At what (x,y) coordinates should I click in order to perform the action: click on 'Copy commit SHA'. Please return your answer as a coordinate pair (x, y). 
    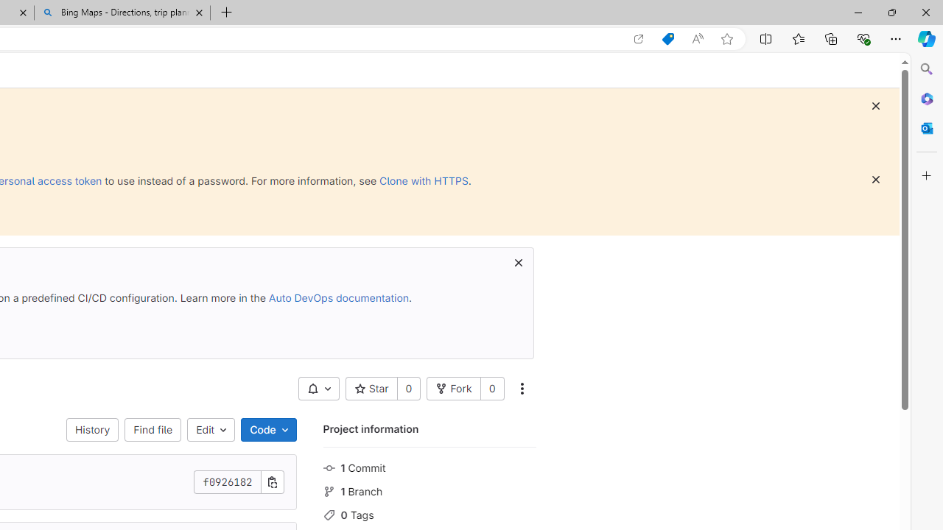
    Looking at the image, I should click on (272, 482).